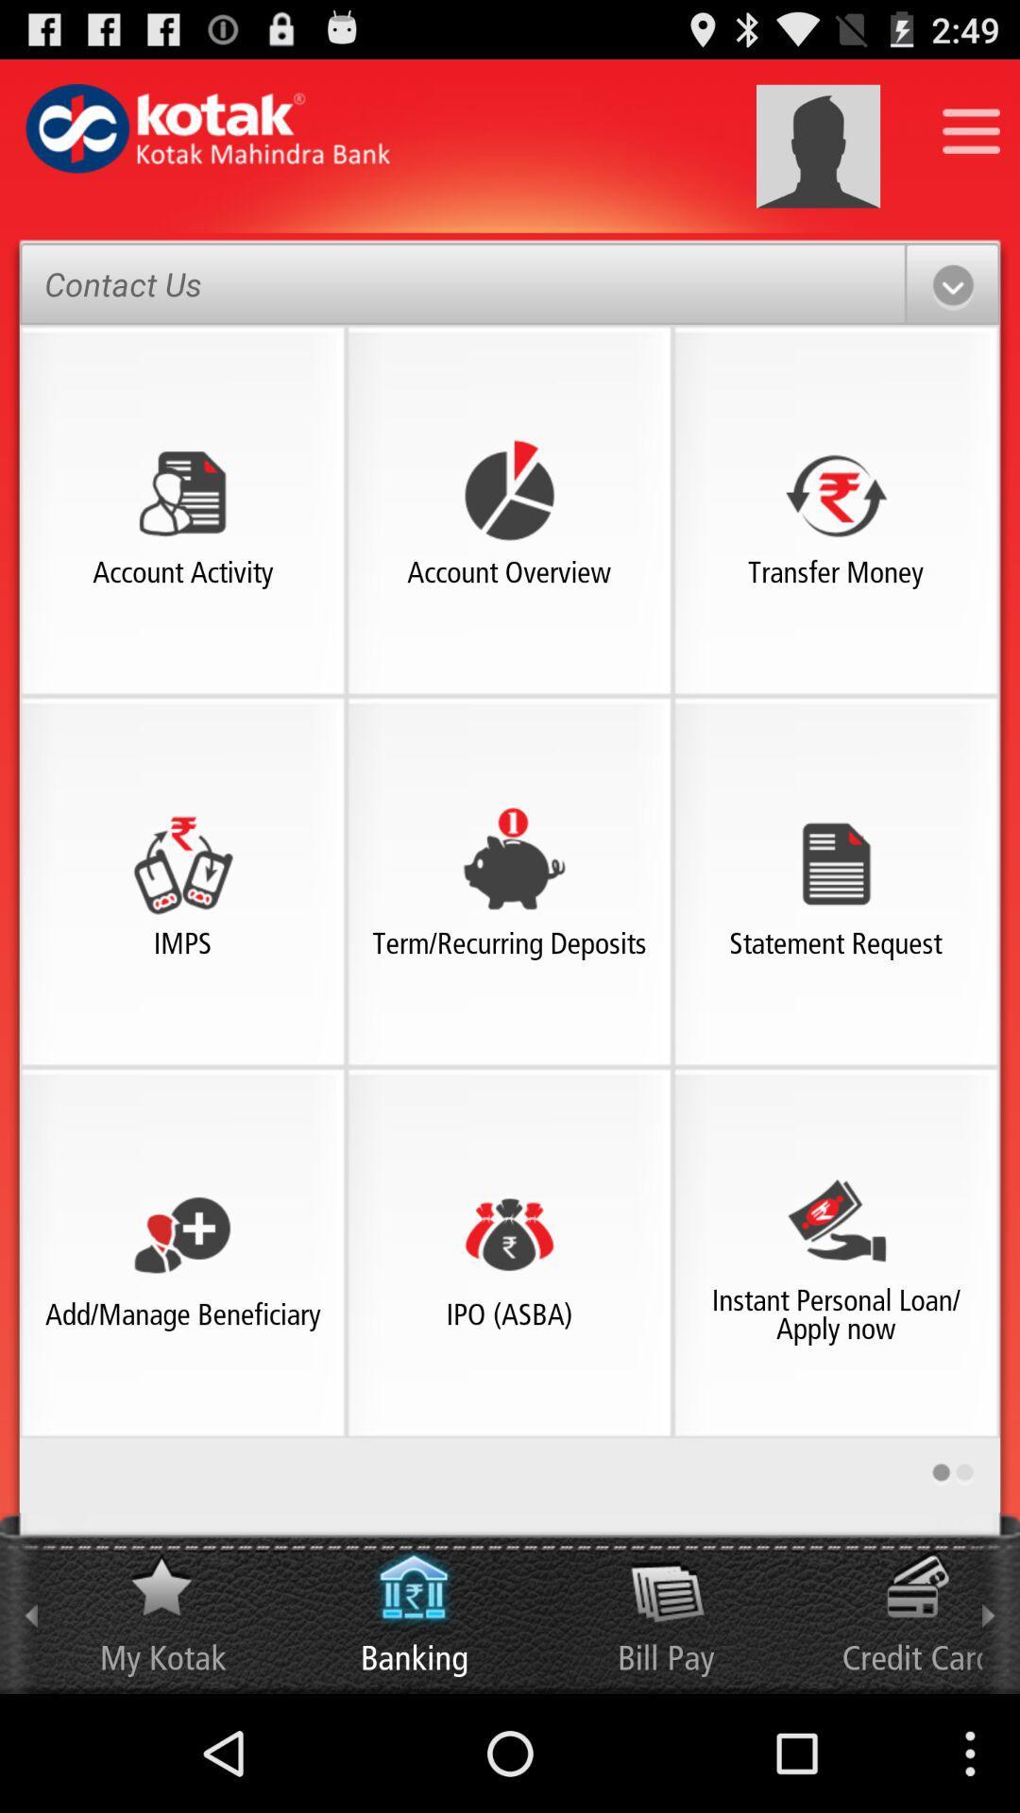  Describe the element at coordinates (182, 862) in the screenshot. I see `imps on the left side of the page` at that location.